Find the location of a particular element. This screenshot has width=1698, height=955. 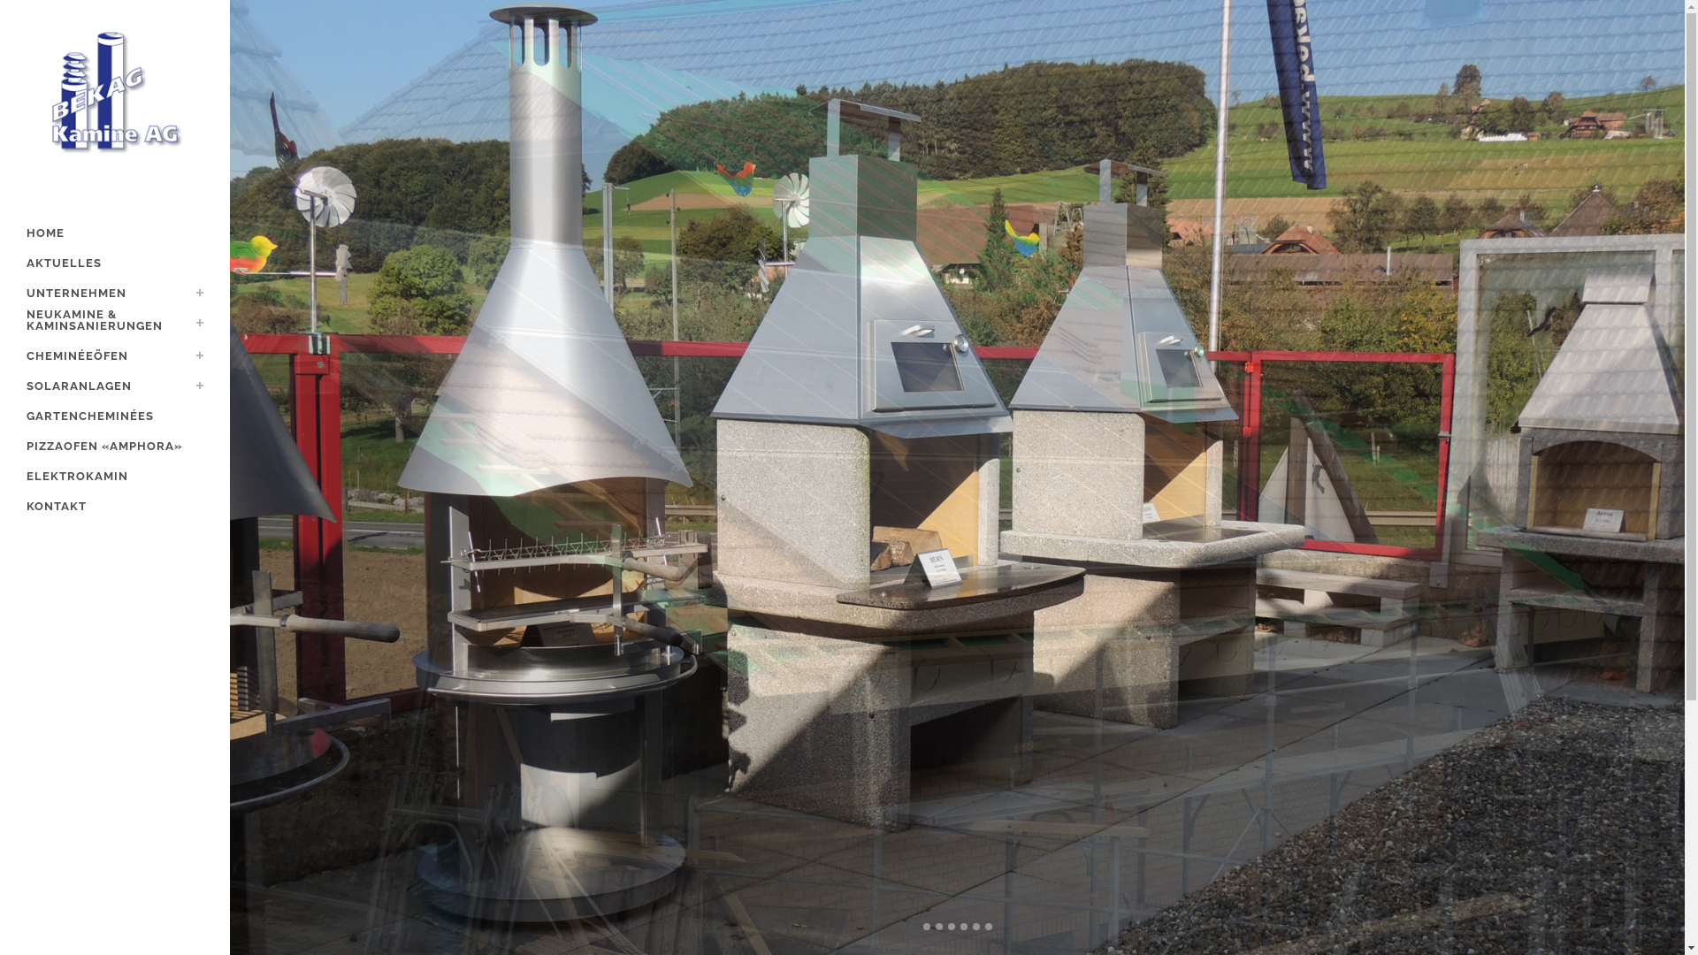

'NEUKAMINE & KAMINSANIERUNGEN' is located at coordinates (113, 325).